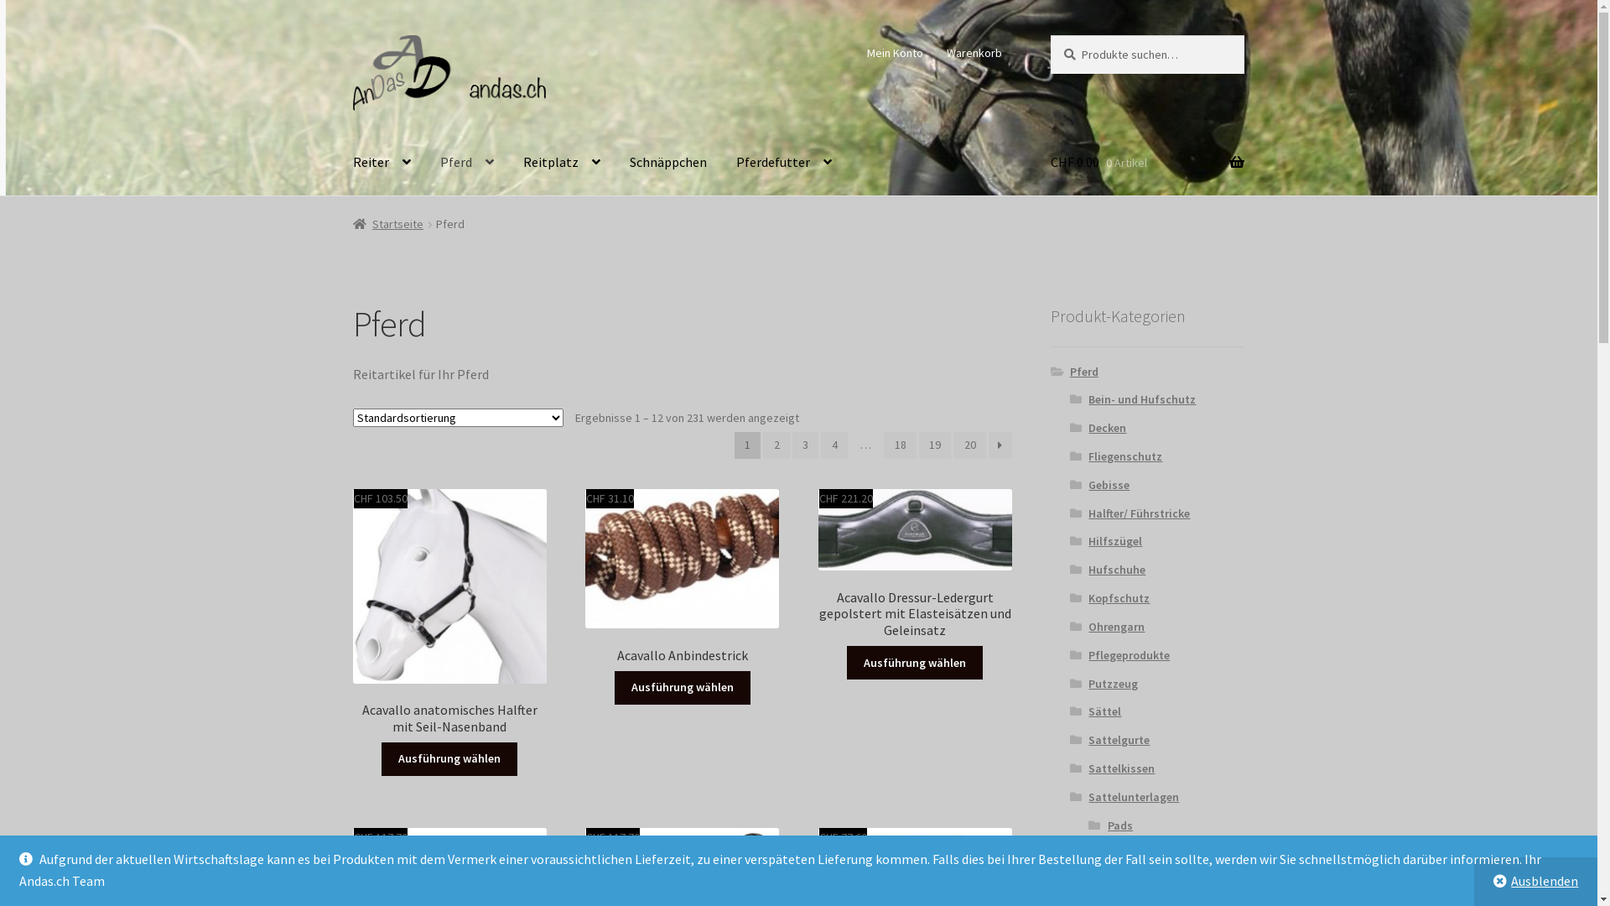 The height and width of the screenshot is (906, 1610). I want to click on 'Suche', so click(1049, 34).